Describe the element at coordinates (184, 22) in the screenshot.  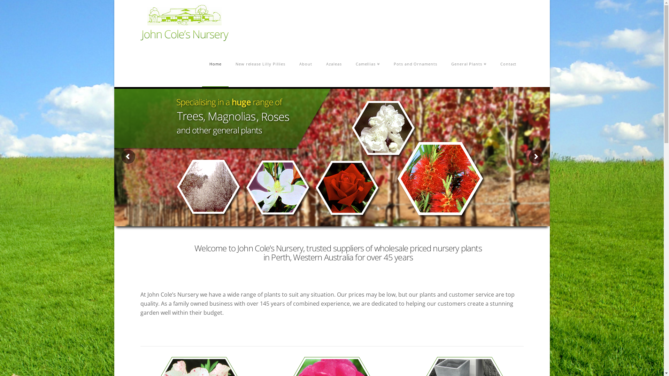
I see `'Retail Garden Nursery in Banjup, Western Australia'` at that location.